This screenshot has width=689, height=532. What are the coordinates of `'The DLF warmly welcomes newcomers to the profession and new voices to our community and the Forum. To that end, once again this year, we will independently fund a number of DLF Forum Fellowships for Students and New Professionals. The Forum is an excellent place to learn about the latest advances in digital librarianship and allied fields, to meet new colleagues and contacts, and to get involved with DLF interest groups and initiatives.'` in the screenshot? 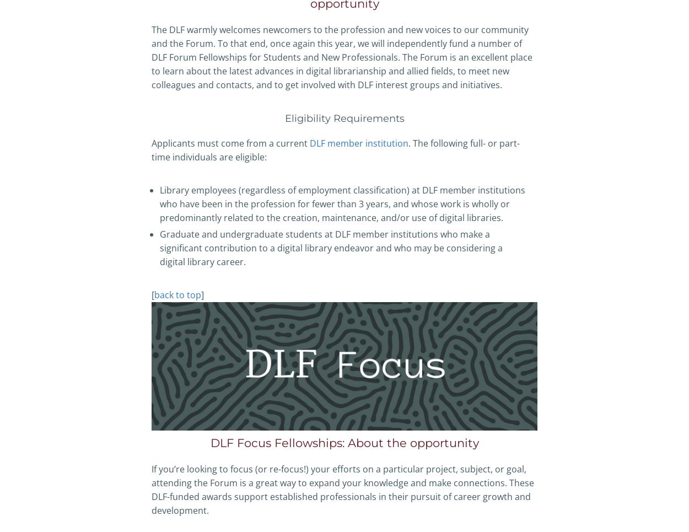 It's located at (341, 57).